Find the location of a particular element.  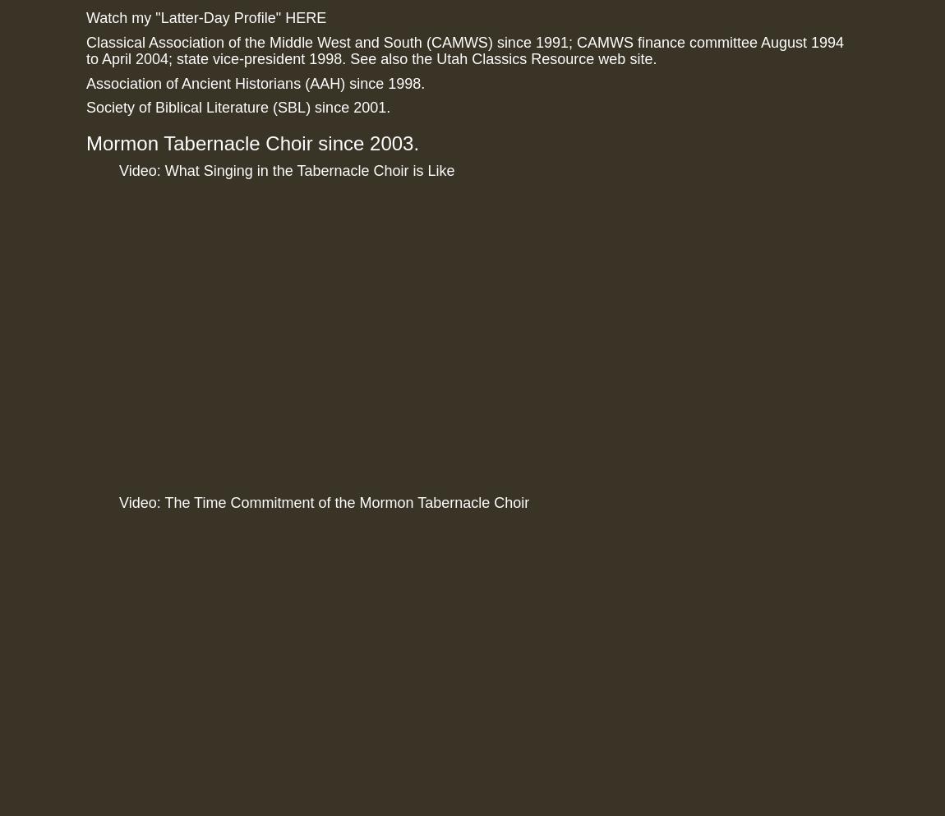

'Association of Ancient Historians' is located at coordinates (192, 81).